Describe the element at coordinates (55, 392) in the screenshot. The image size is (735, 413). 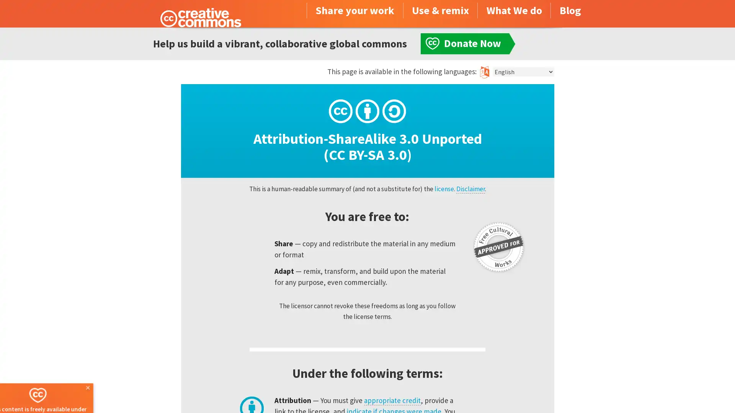
I see `Donate Now` at that location.